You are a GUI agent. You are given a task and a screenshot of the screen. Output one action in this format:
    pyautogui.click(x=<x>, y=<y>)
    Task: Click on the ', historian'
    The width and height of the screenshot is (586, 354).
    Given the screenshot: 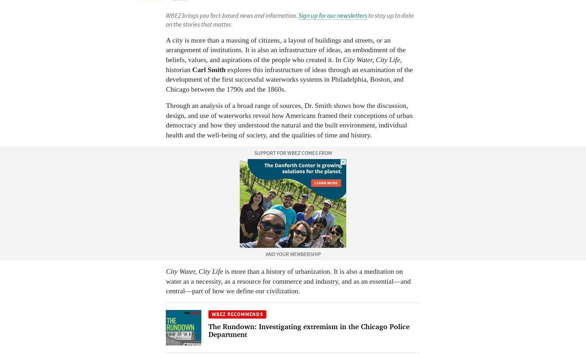 What is the action you would take?
    pyautogui.click(x=283, y=64)
    